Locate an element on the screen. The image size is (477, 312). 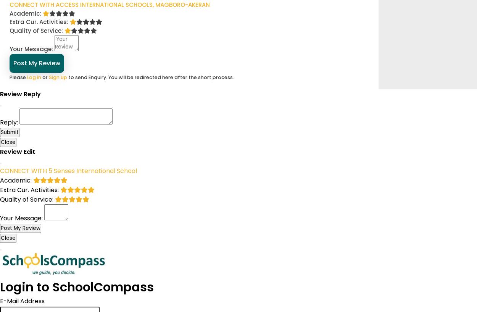
'to send Enquiry. You will be redirected here after the short process.' is located at coordinates (150, 76).